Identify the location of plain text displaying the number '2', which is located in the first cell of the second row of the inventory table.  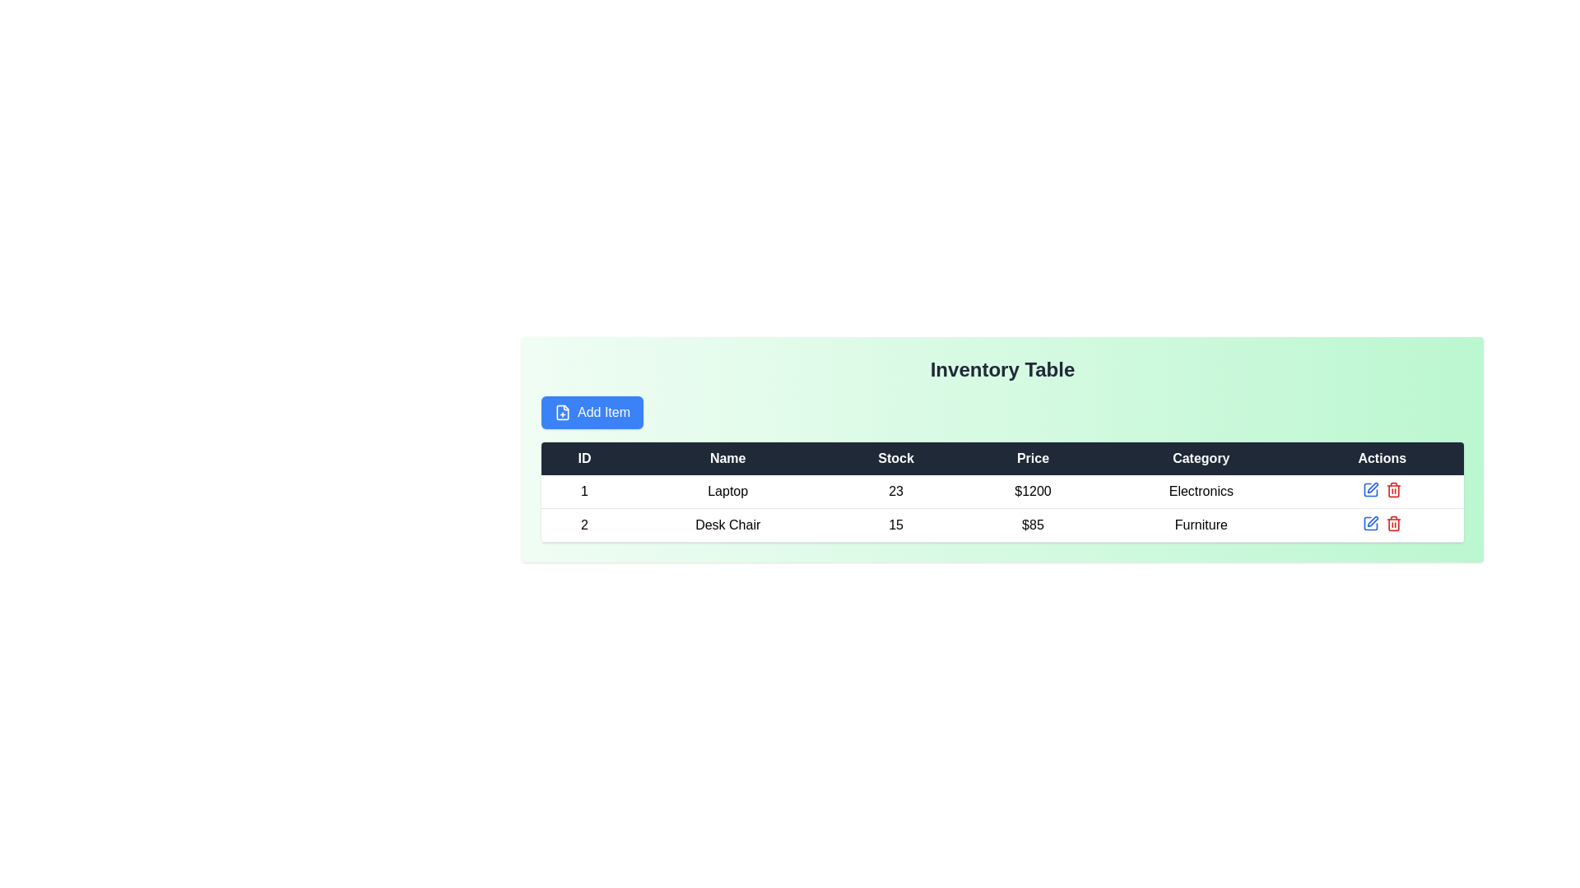
(584, 525).